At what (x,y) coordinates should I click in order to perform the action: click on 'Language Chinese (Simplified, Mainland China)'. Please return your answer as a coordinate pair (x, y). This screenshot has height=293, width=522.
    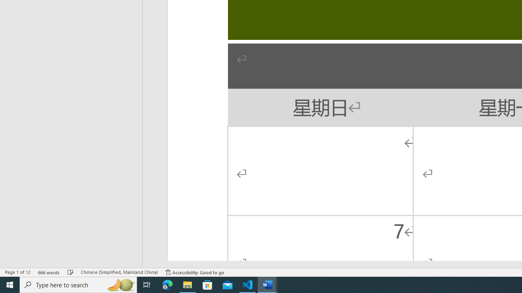
    Looking at the image, I should click on (119, 272).